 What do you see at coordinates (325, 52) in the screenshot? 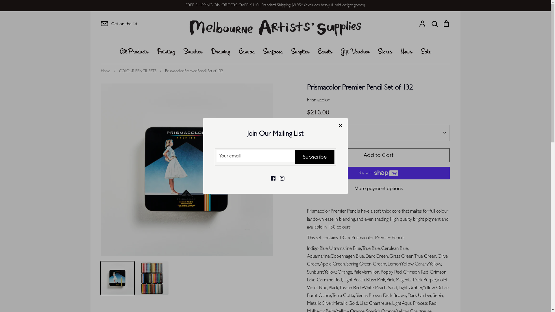
I see `'Easels'` at bounding box center [325, 52].